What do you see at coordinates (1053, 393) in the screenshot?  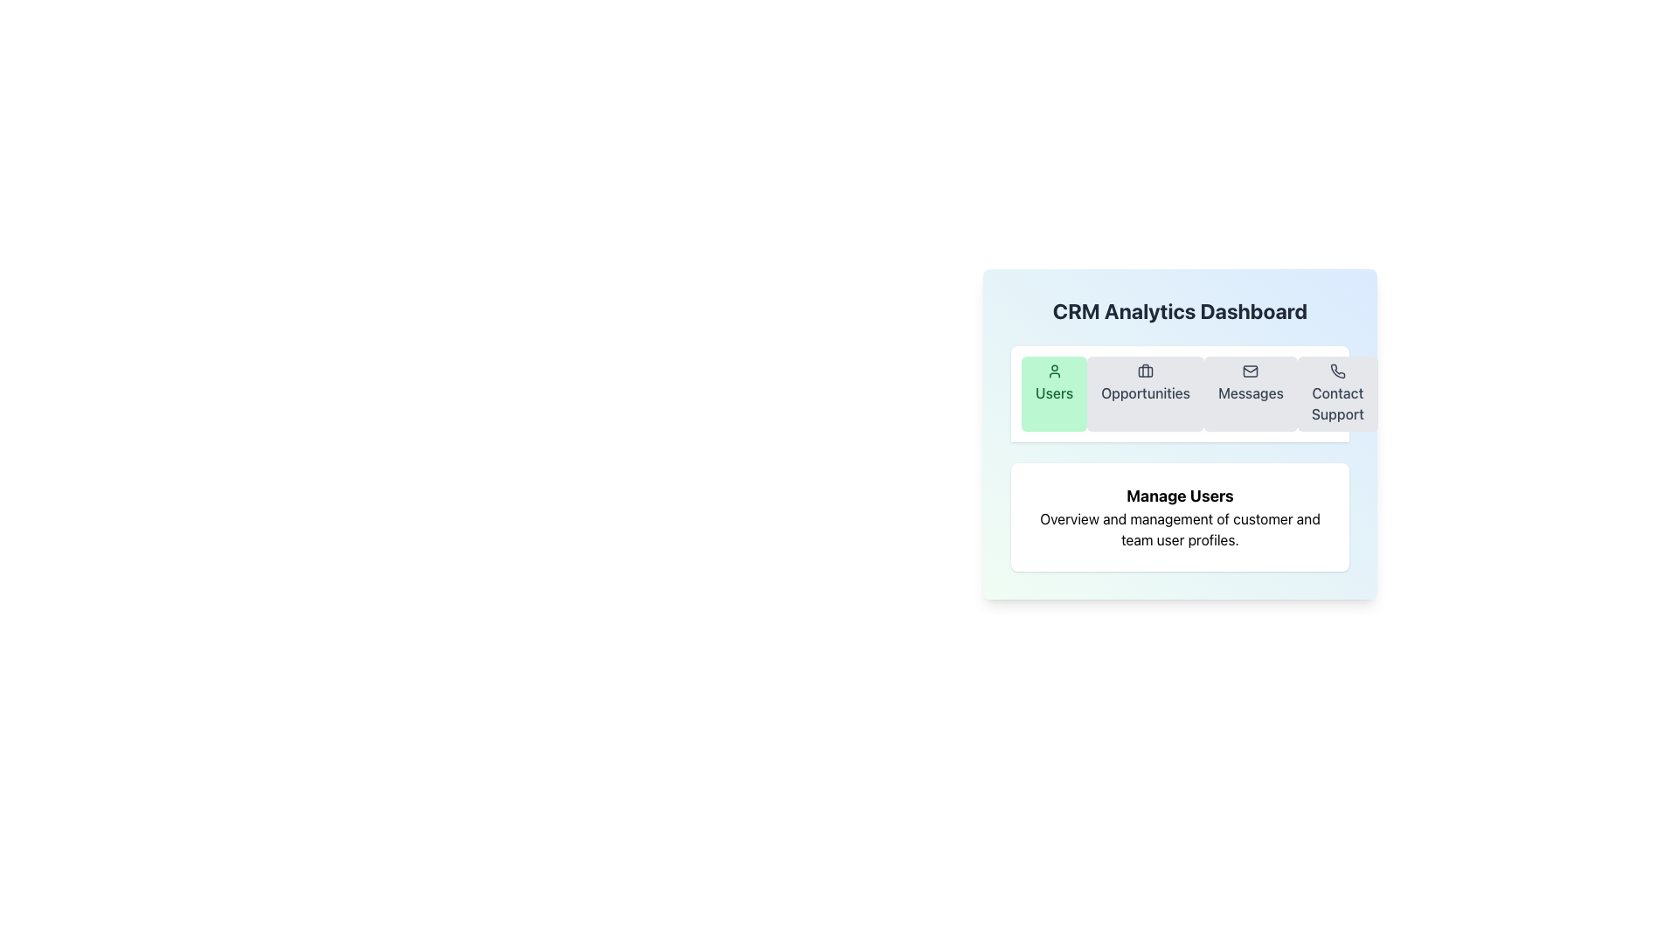 I see `the 'Users' text label, which is styled with a medium-weight font in green color, located within the first box on the left of the CRM Analytics Dashboard, above 'Opportunities'` at bounding box center [1053, 393].